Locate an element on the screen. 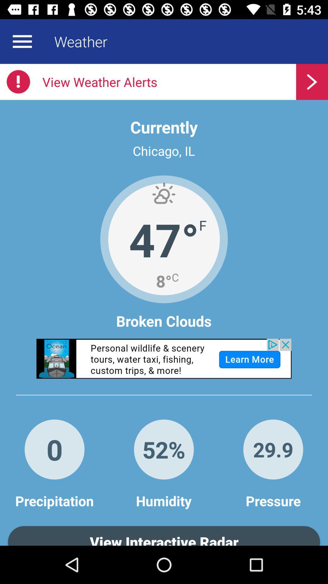 The height and width of the screenshot is (584, 328). click on the advertisement is located at coordinates (164, 359).